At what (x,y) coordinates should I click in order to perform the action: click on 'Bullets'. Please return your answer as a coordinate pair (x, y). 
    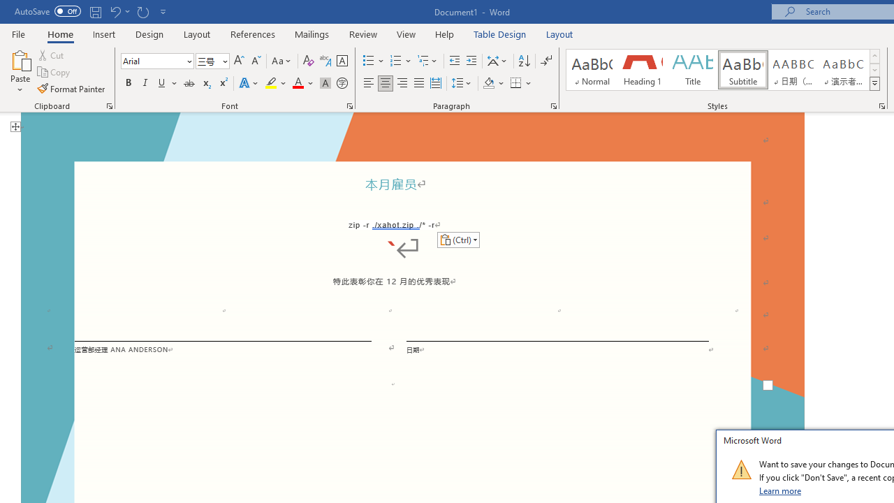
    Looking at the image, I should click on (374, 60).